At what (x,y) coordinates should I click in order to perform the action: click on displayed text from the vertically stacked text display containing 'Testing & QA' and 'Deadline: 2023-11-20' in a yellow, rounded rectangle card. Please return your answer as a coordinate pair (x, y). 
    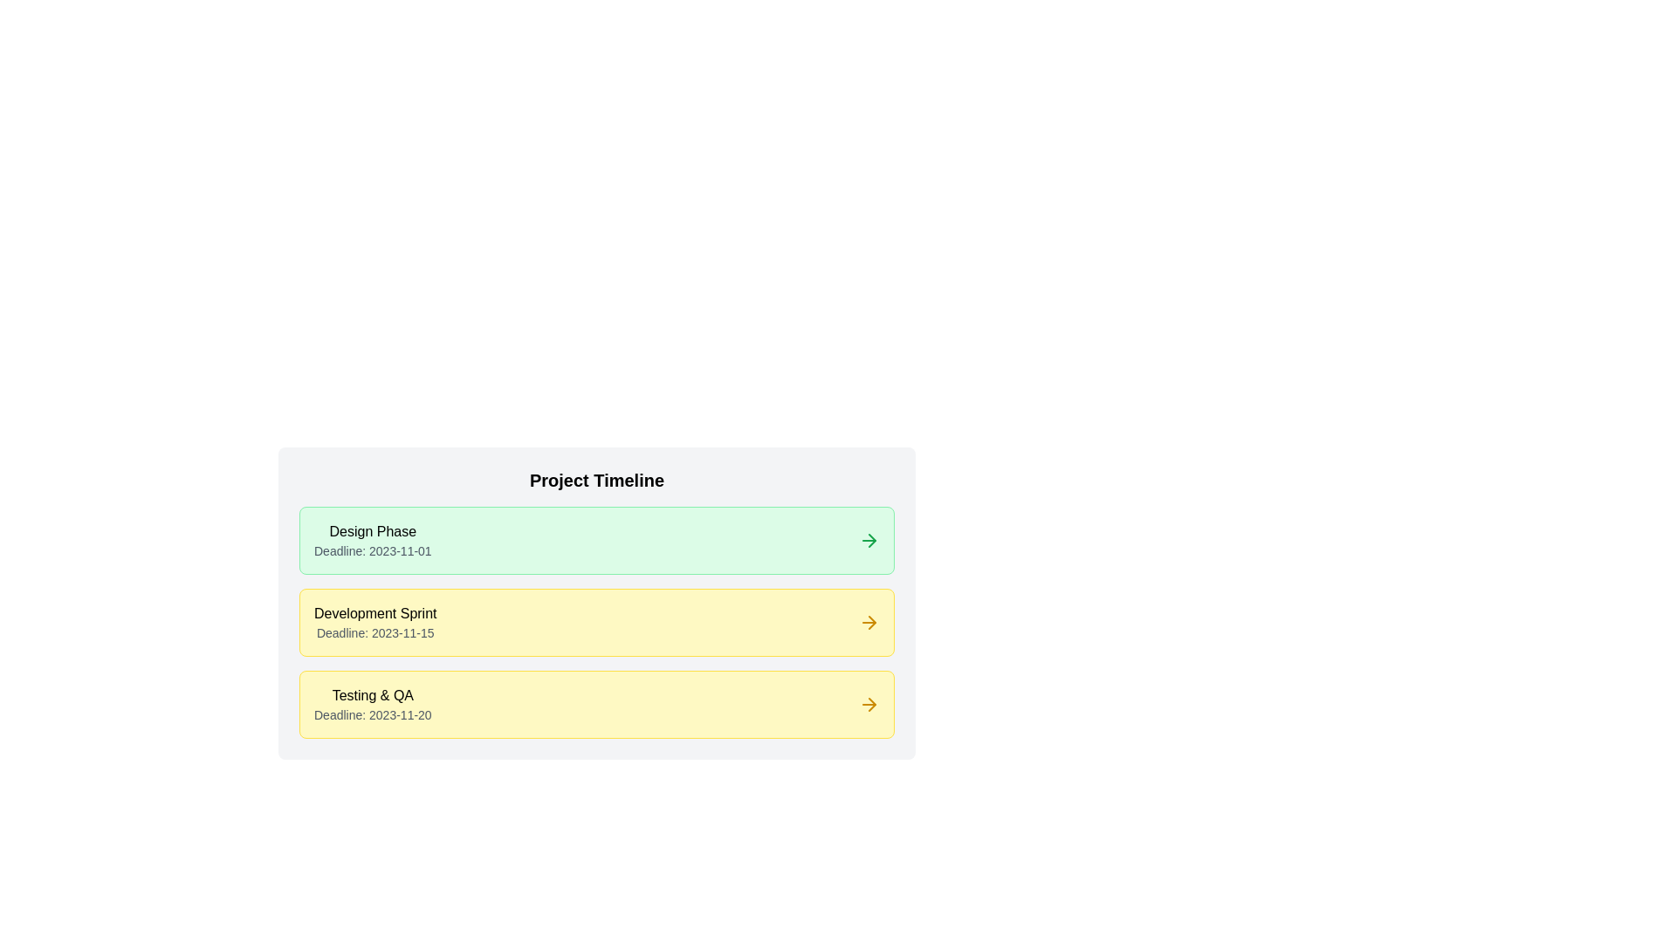
    Looking at the image, I should click on (372, 703).